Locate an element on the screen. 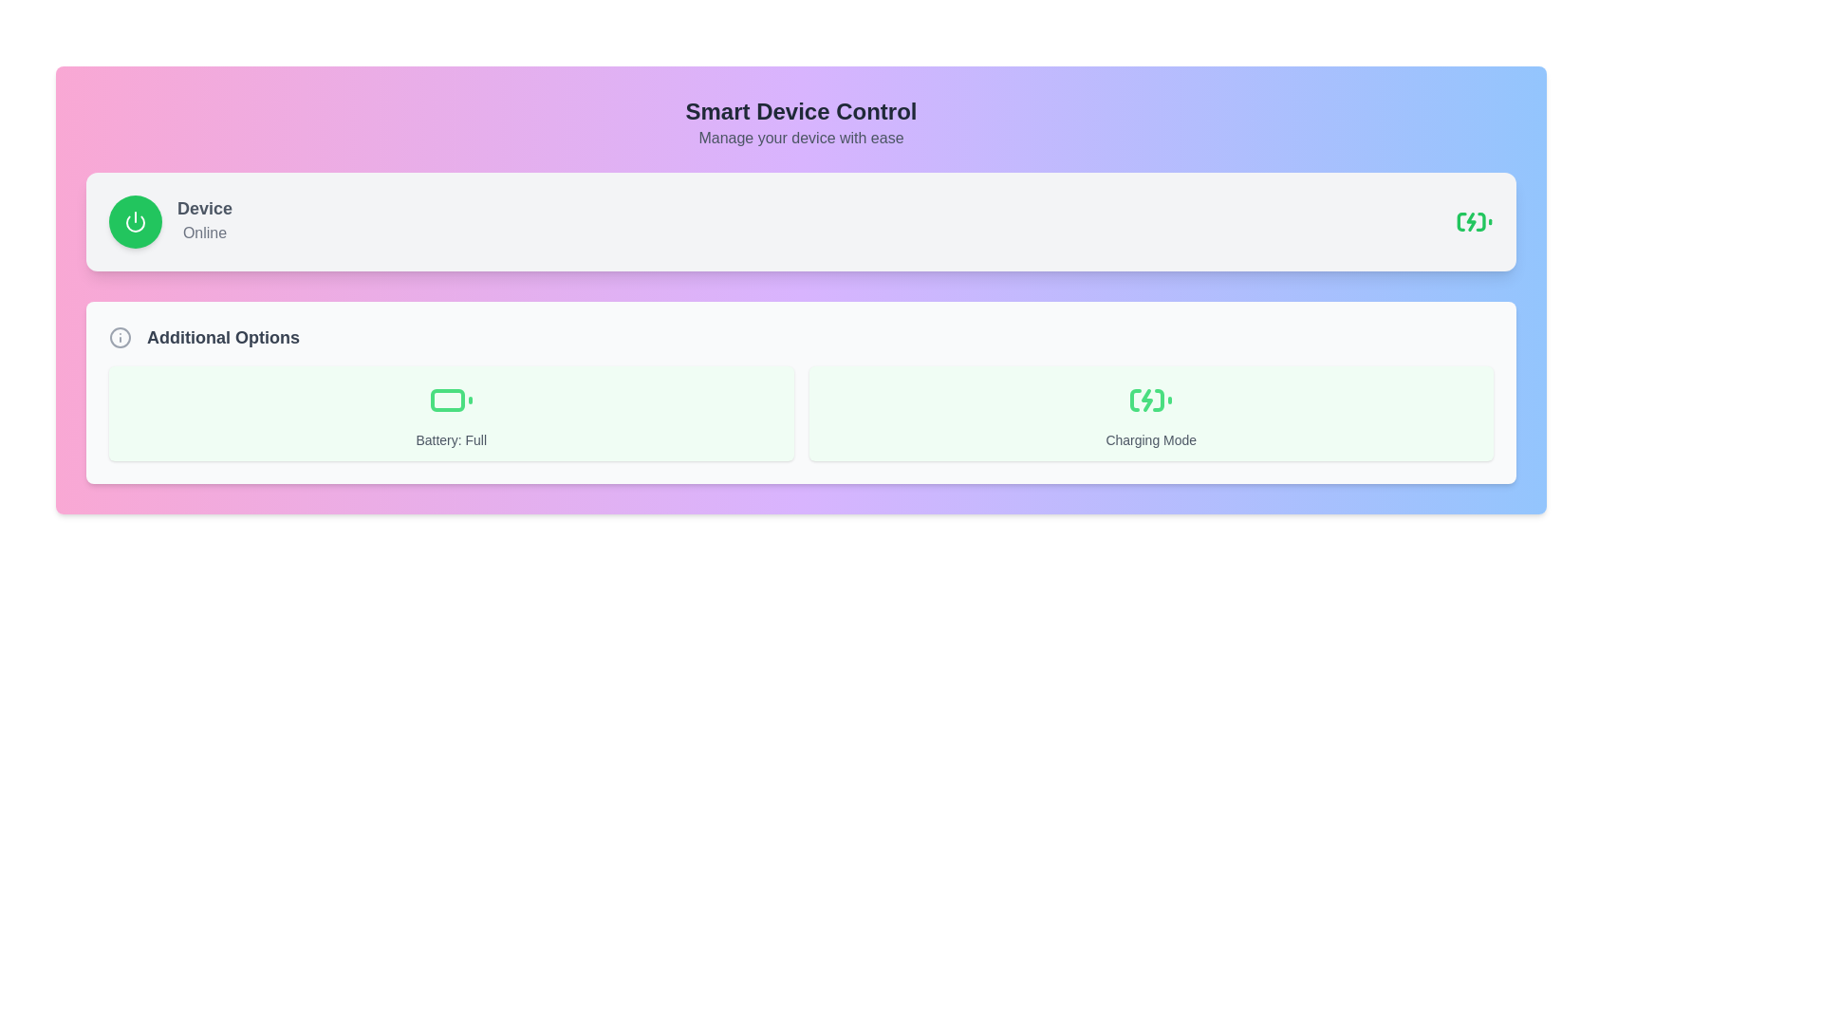 The height and width of the screenshot is (1025, 1822). the 'Charging Mode' icon located in the right section of the interface, above the text 'Charging Mode' for an interactive response is located at coordinates (1150, 399).